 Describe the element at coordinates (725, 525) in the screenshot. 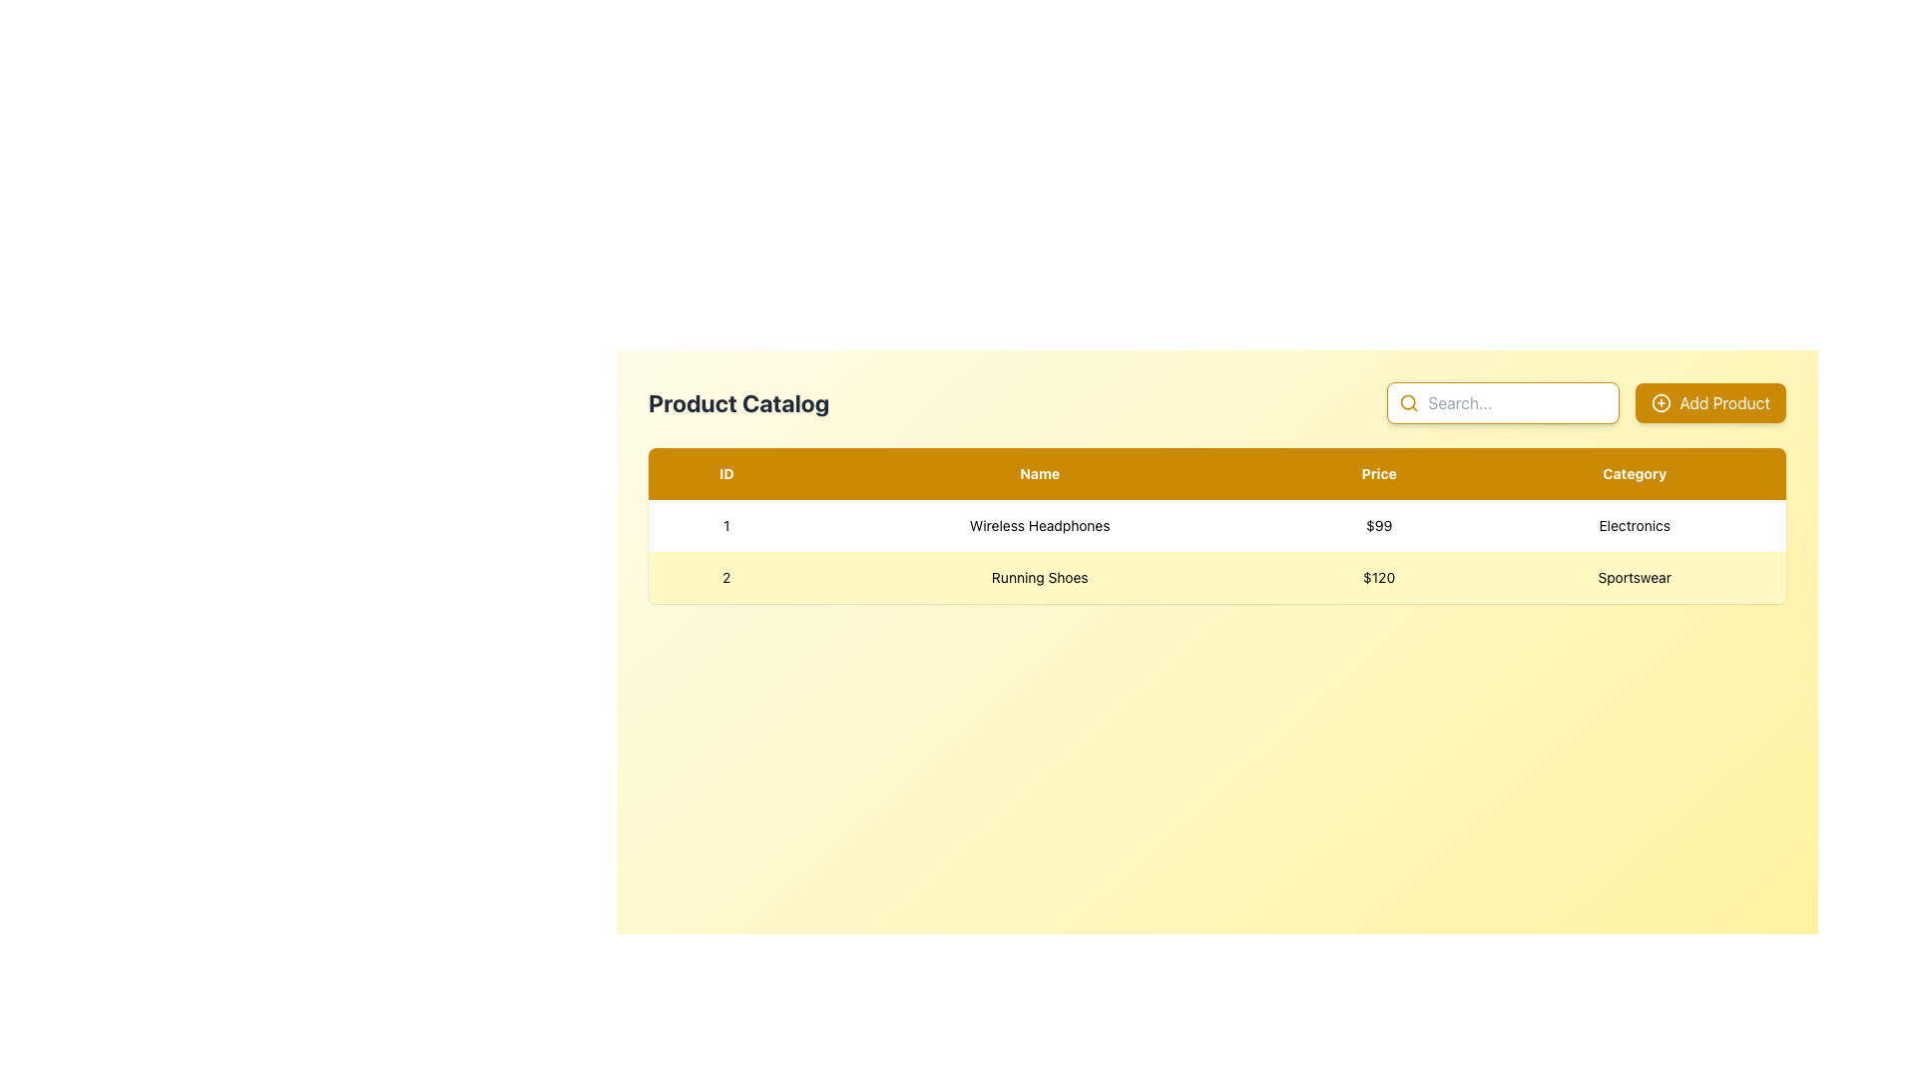

I see `text content of the table cell displaying the ID number of the first product in the table, which is located in the first row and first column labeled 'ID'` at that location.